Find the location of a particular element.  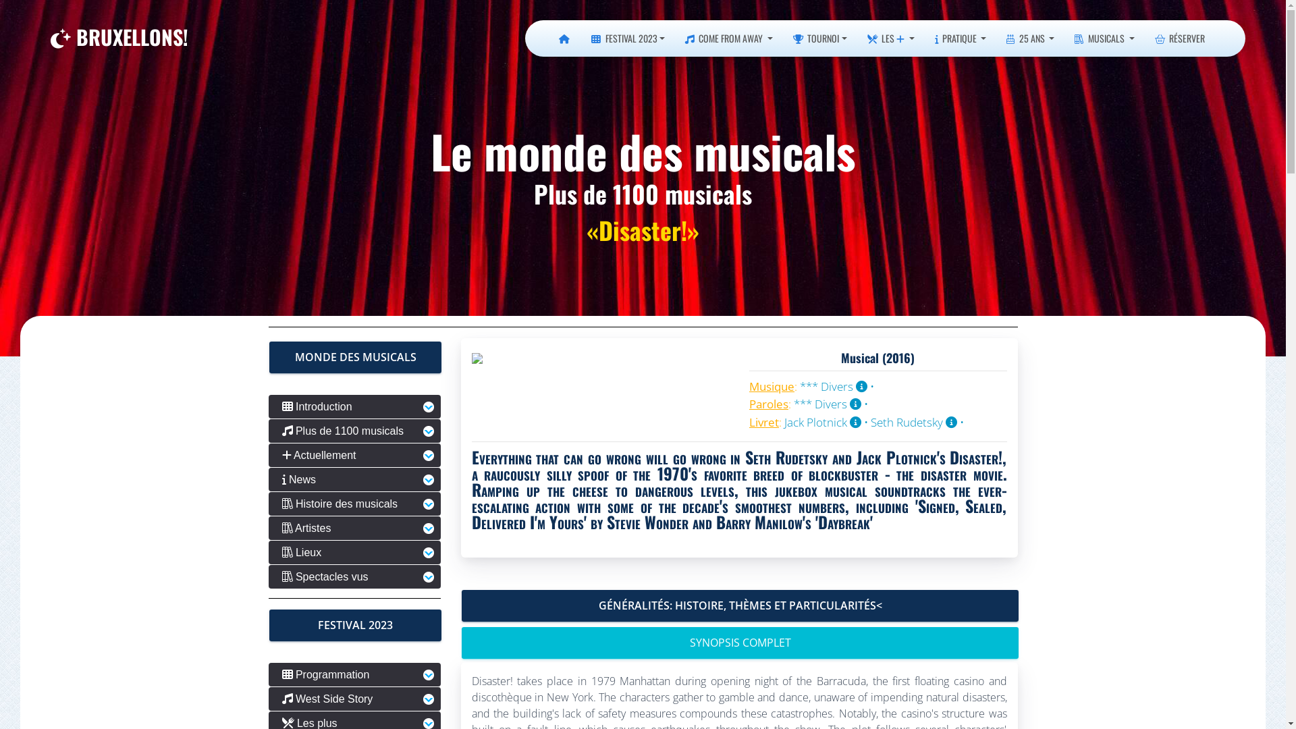

'PRATIQUE' is located at coordinates (960, 38).